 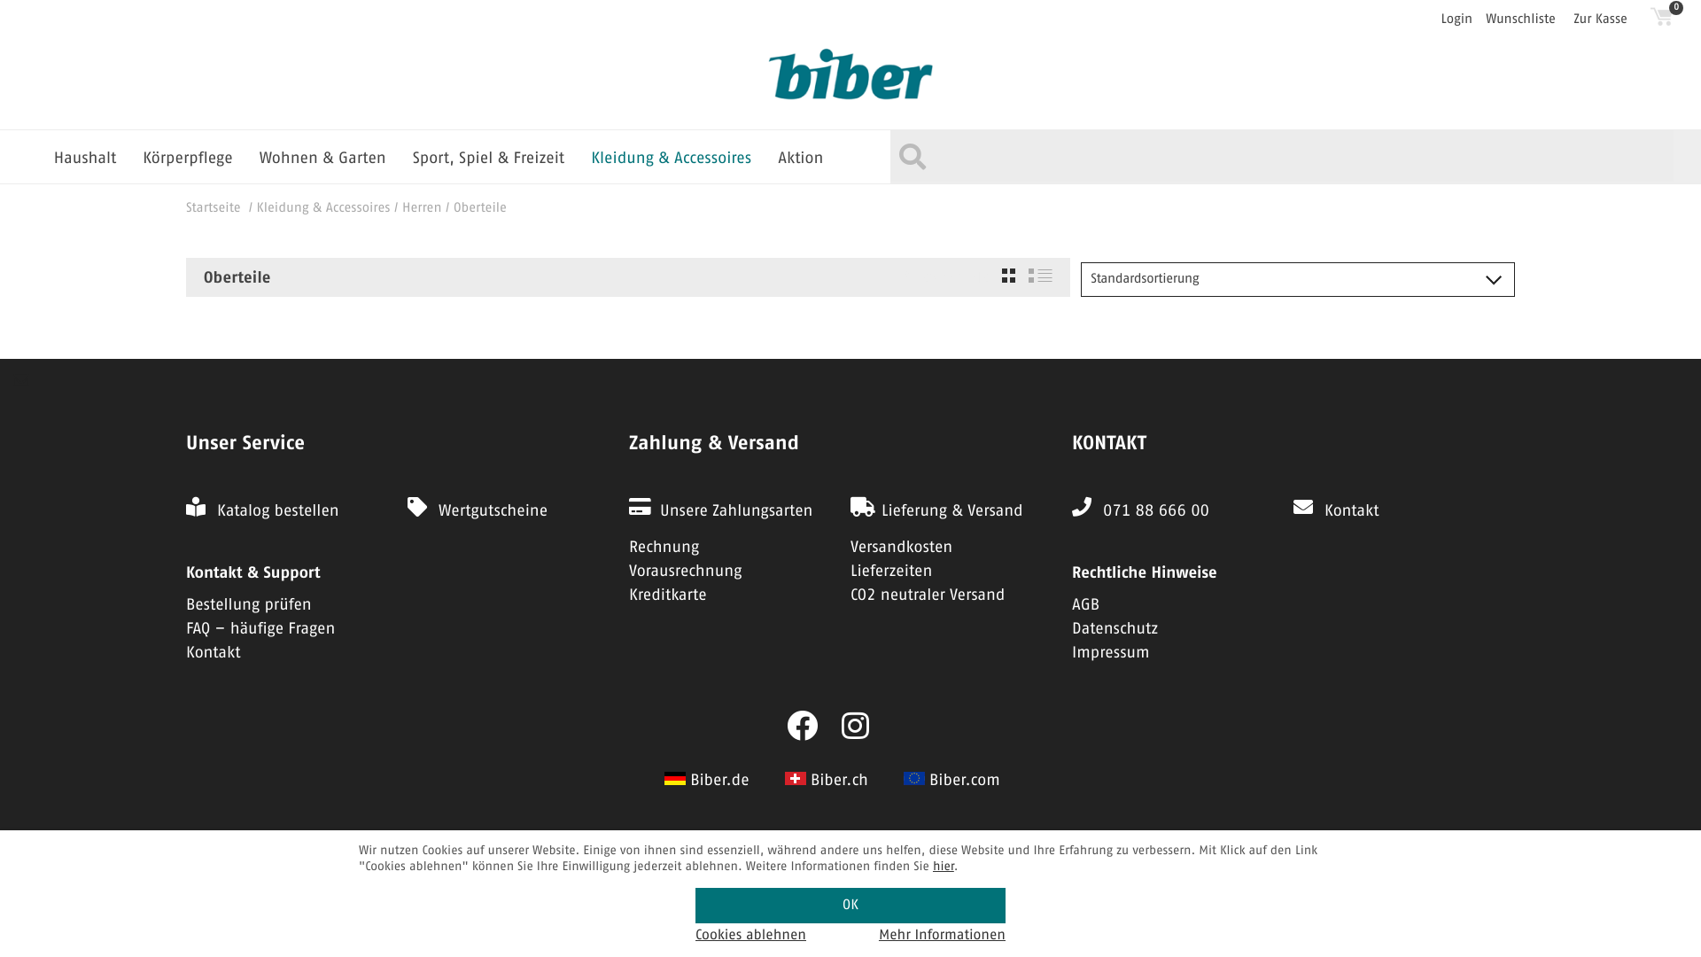 I want to click on 'Herren', so click(x=421, y=207).